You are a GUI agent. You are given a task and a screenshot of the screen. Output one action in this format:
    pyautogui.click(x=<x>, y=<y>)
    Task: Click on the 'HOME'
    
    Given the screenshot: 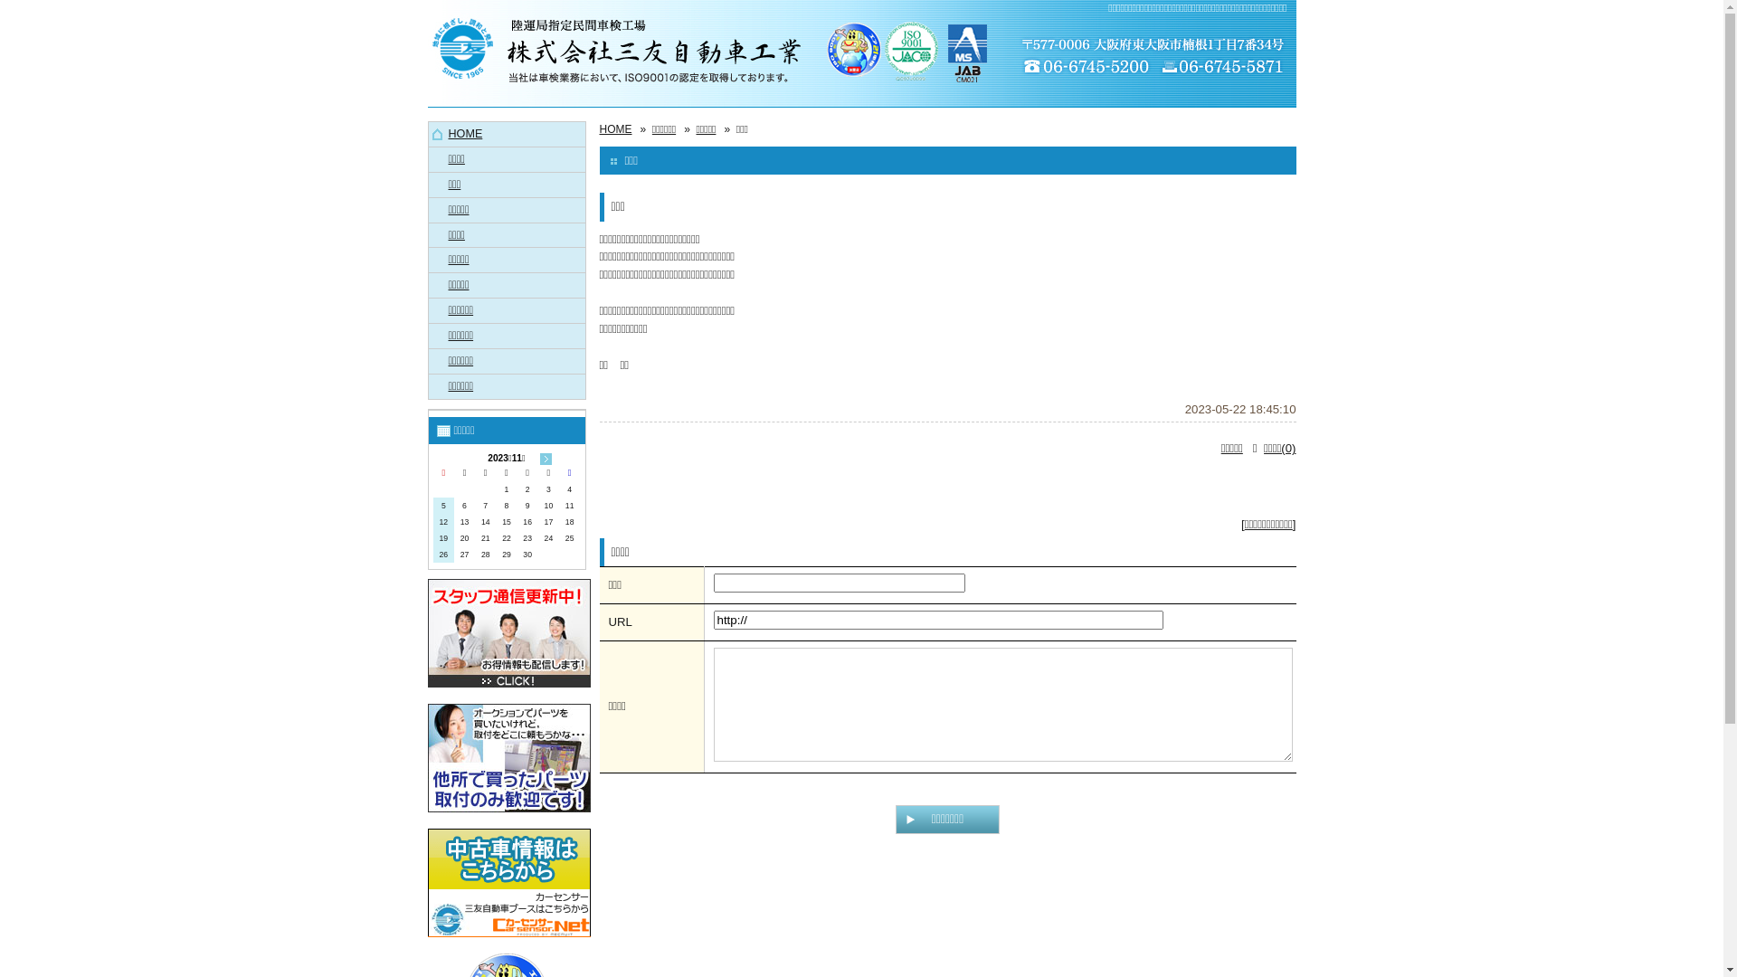 What is the action you would take?
    pyautogui.click(x=428, y=133)
    